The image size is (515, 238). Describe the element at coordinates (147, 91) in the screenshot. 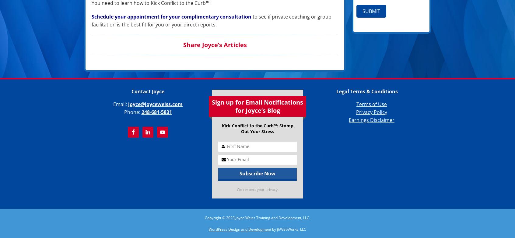

I see `'Contact Joyce'` at that location.